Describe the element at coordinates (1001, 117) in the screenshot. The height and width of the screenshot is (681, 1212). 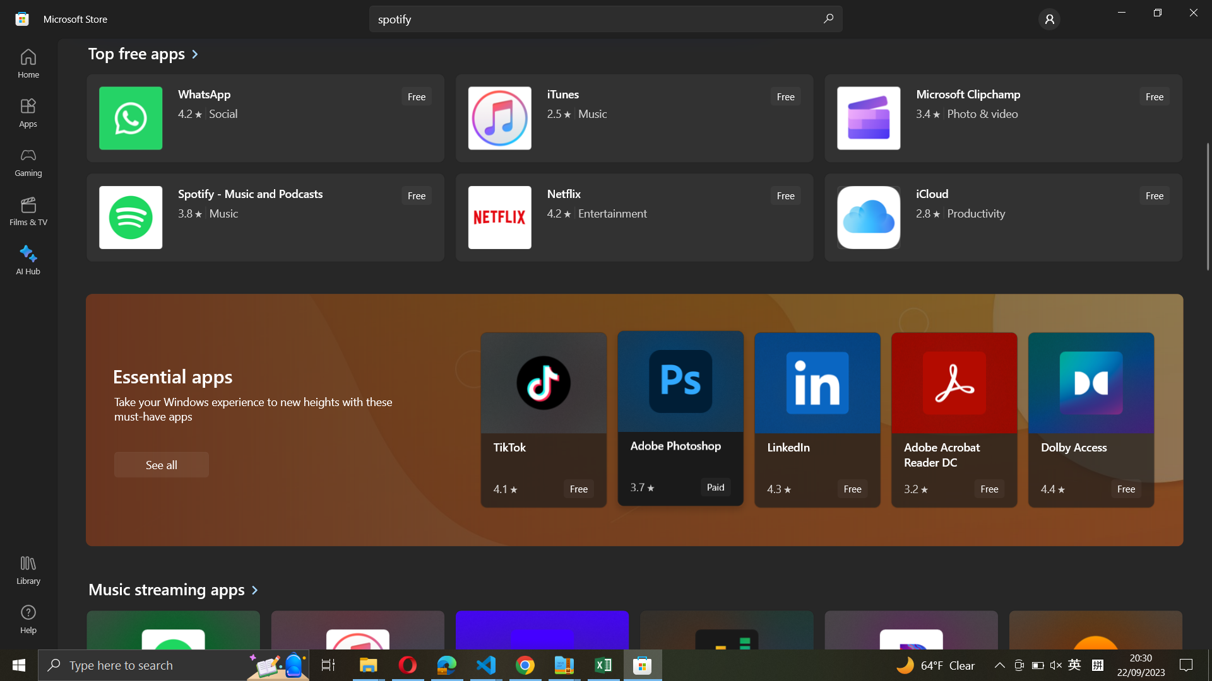
I see `the Microsoft Clipchamp application` at that location.